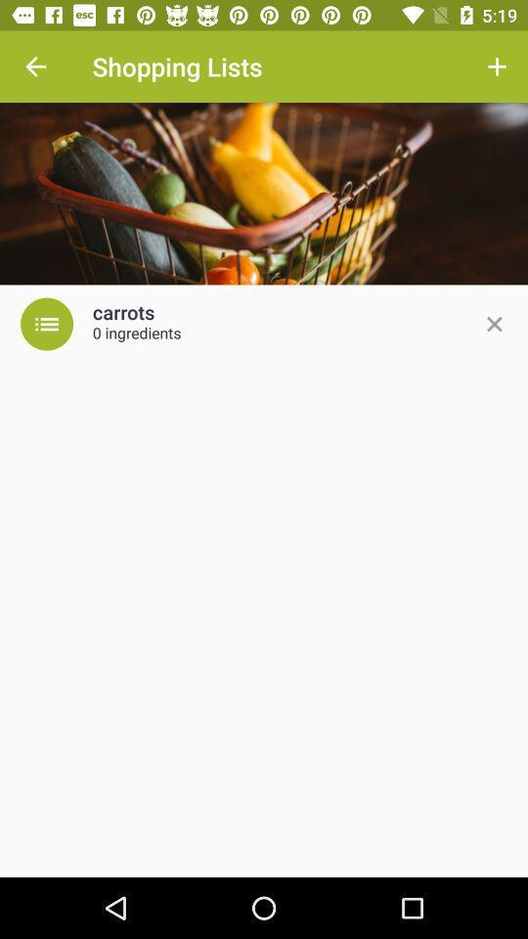  Describe the element at coordinates (136, 335) in the screenshot. I see `the 0 ingredients item` at that location.